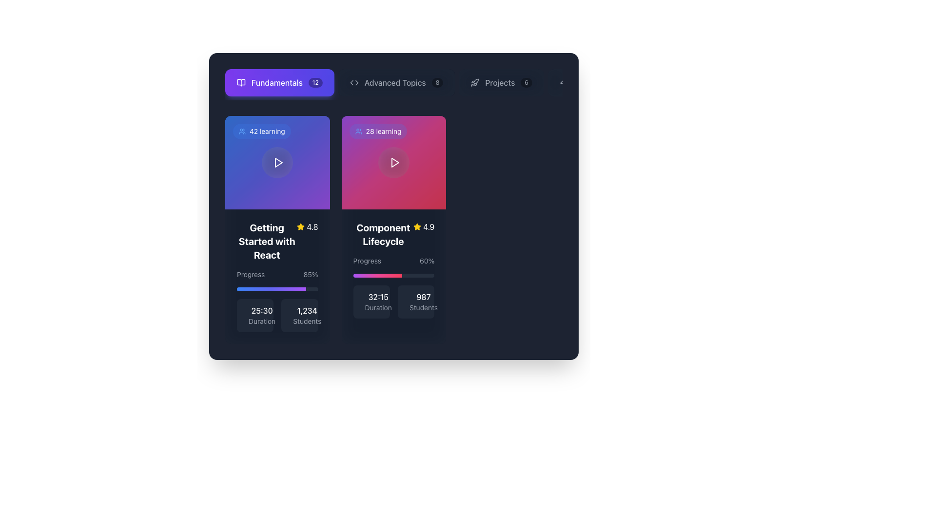 This screenshot has width=936, height=526. What do you see at coordinates (378, 308) in the screenshot?
I see `the text label that explains the context of the time value ('32:15') displayed above it, located in the bottom-left section of the module titled 'Component Lifecycle'` at bounding box center [378, 308].